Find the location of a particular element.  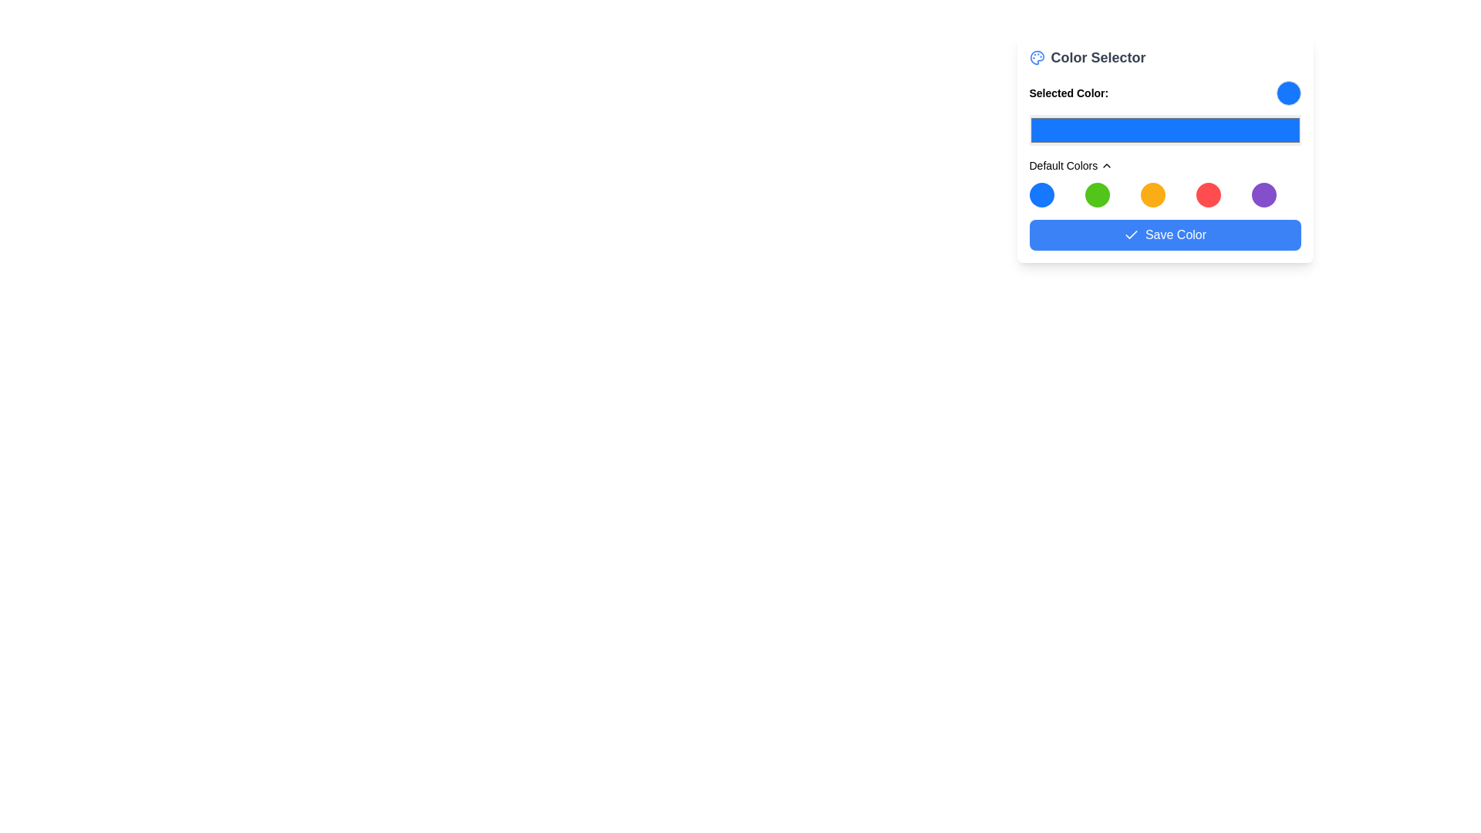

the vibrant green circular icon that is the second in a grid of five icons in the 'Default Colors' dropdown panel is located at coordinates (1096, 194).